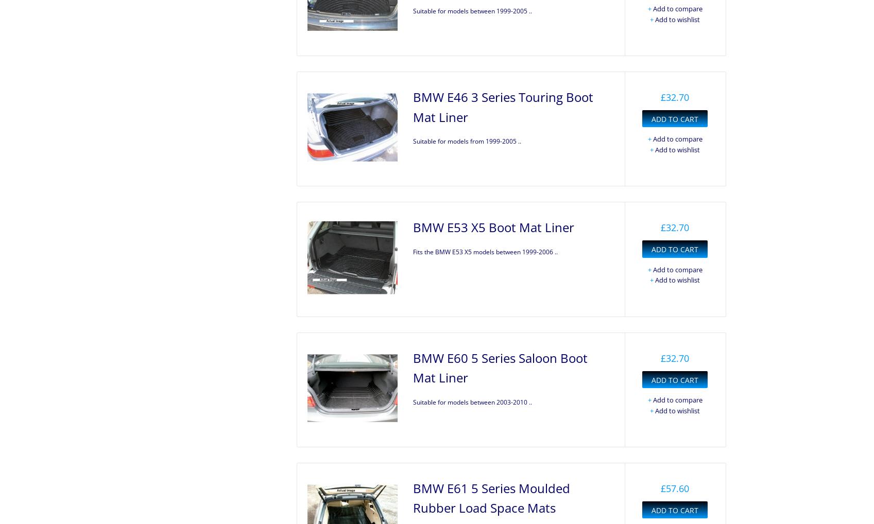 This screenshot has width=874, height=524. Describe the element at coordinates (472, 401) in the screenshot. I see `'Suitable for models between 2003-2010
..'` at that location.